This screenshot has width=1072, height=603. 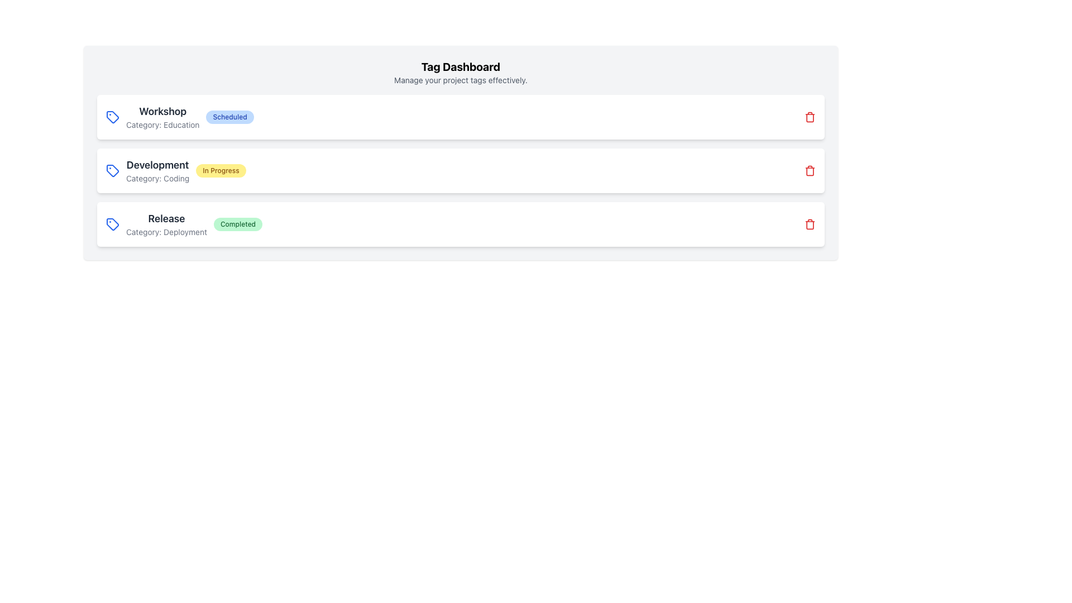 What do you see at coordinates (157, 165) in the screenshot?
I see `text-based label or header element titled 'Development', which is styled prominently in bold and dark gray, located in the second row of a vertical list layout` at bounding box center [157, 165].